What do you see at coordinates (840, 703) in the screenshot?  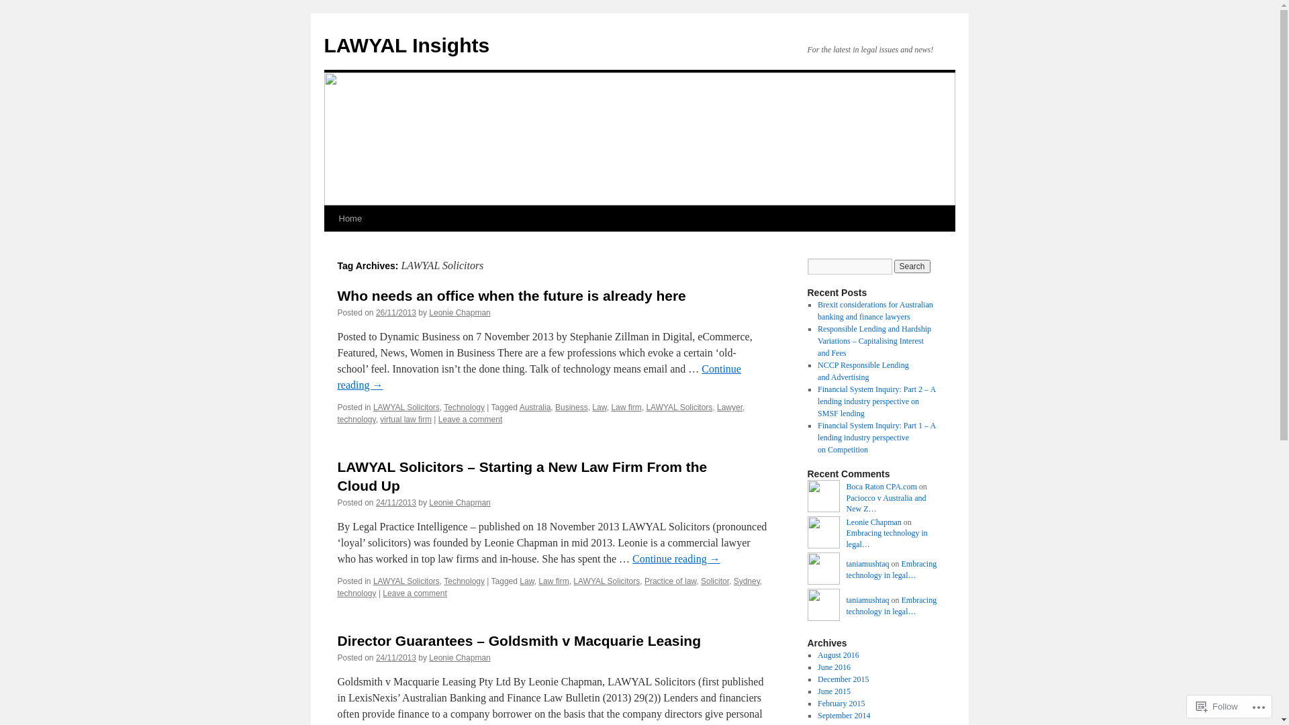 I see `'February 2015'` at bounding box center [840, 703].